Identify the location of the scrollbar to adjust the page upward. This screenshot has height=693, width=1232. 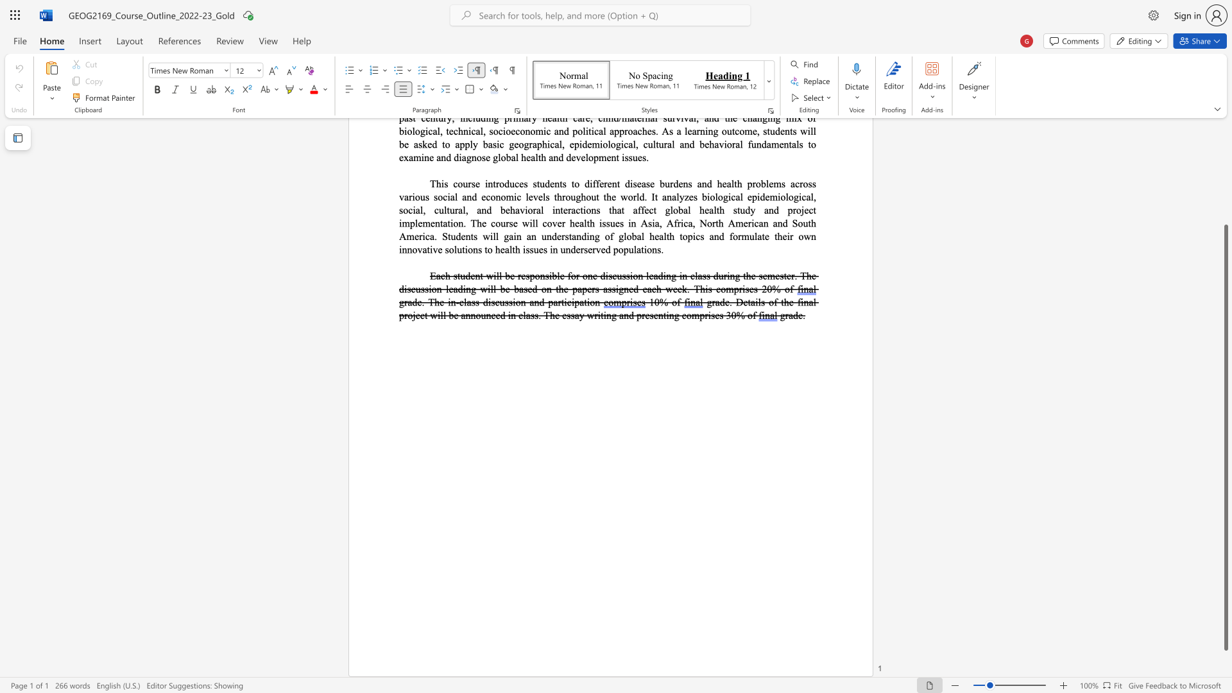
(1225, 217).